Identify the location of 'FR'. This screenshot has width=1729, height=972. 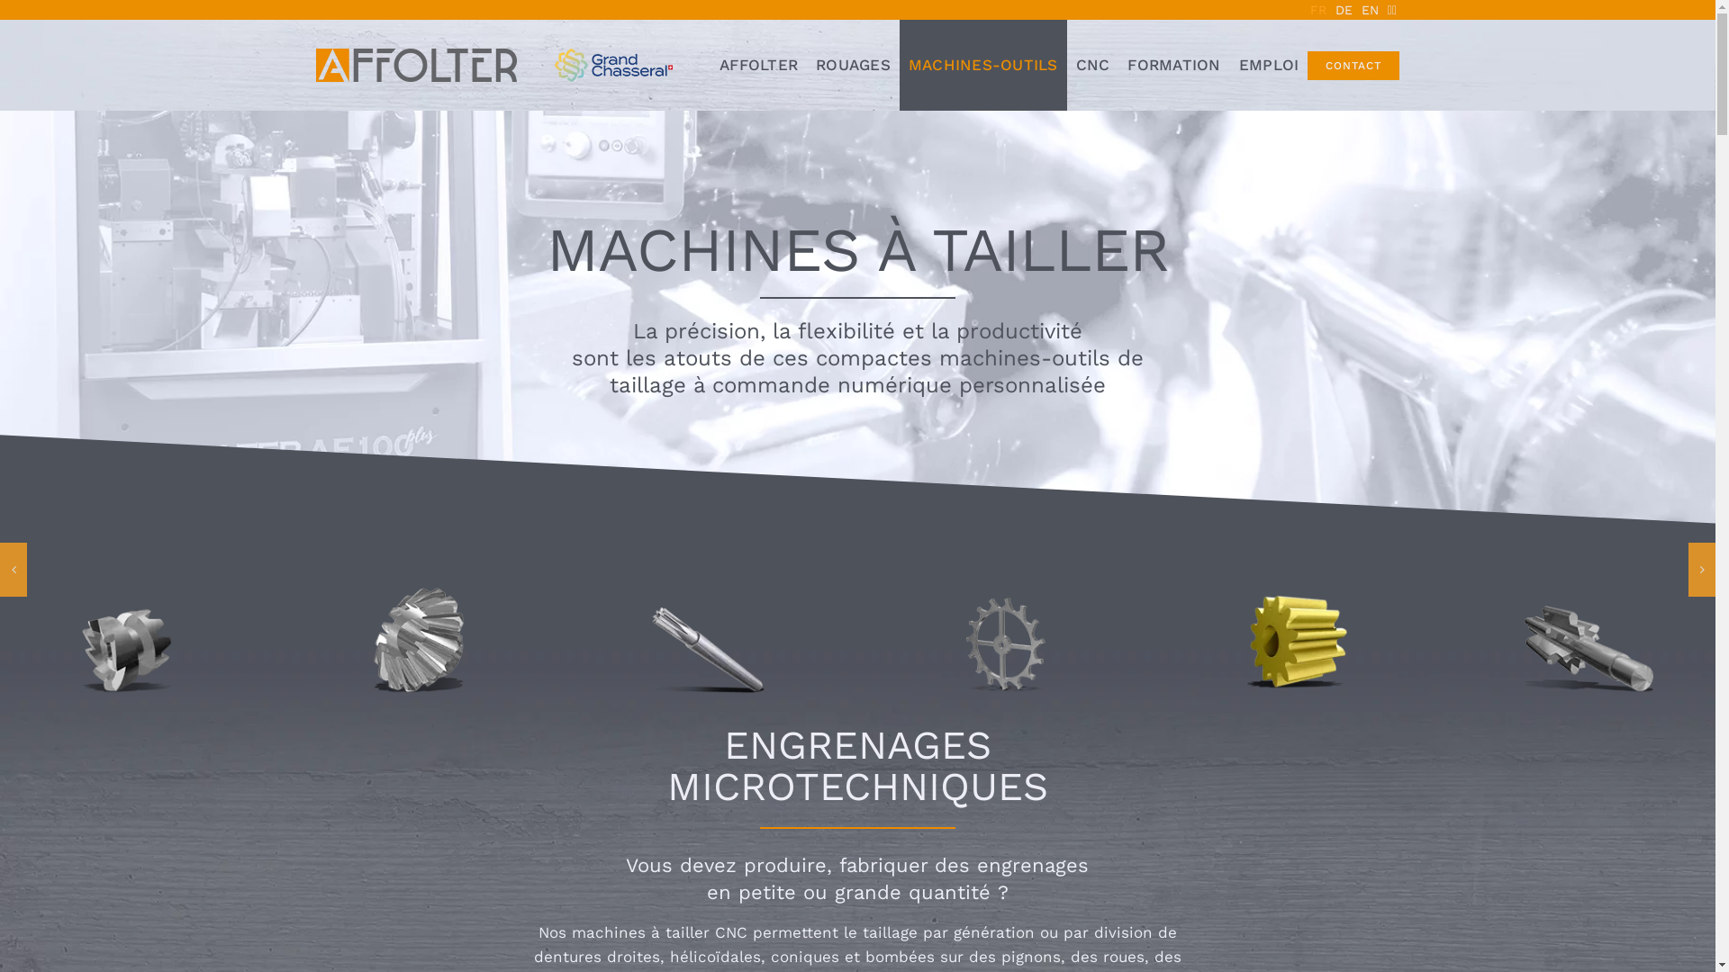
(1318, 10).